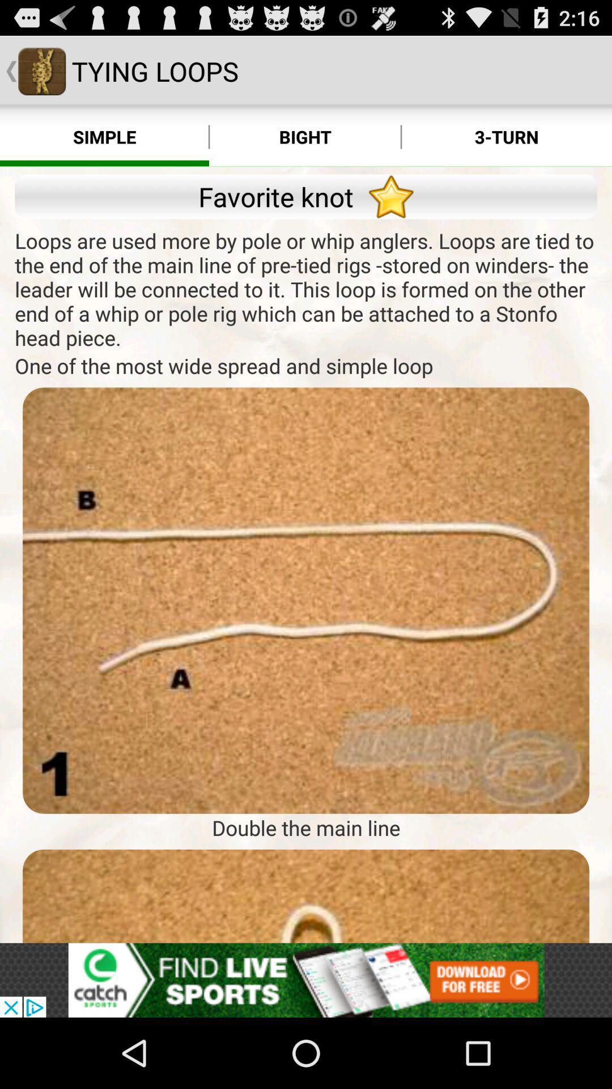 Image resolution: width=612 pixels, height=1089 pixels. Describe the element at coordinates (306, 896) in the screenshot. I see `image` at that location.